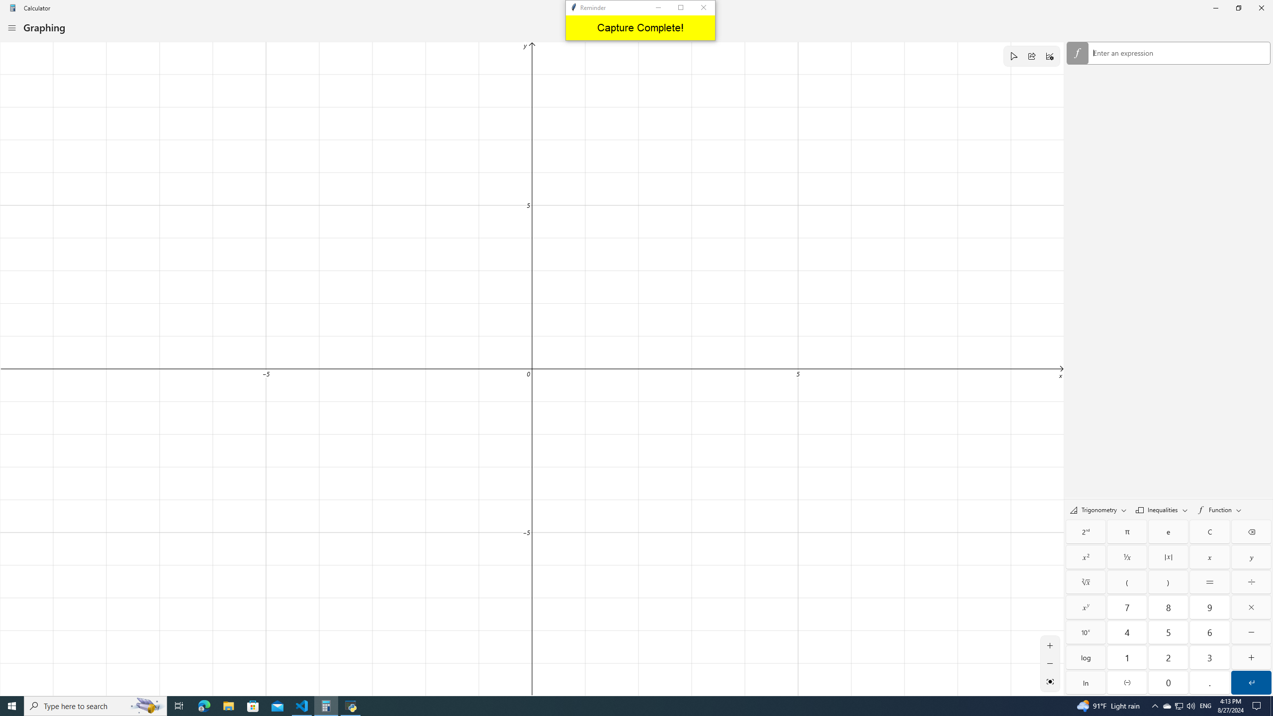 This screenshot has width=1273, height=716. I want to click on 'Two', so click(1168, 657).